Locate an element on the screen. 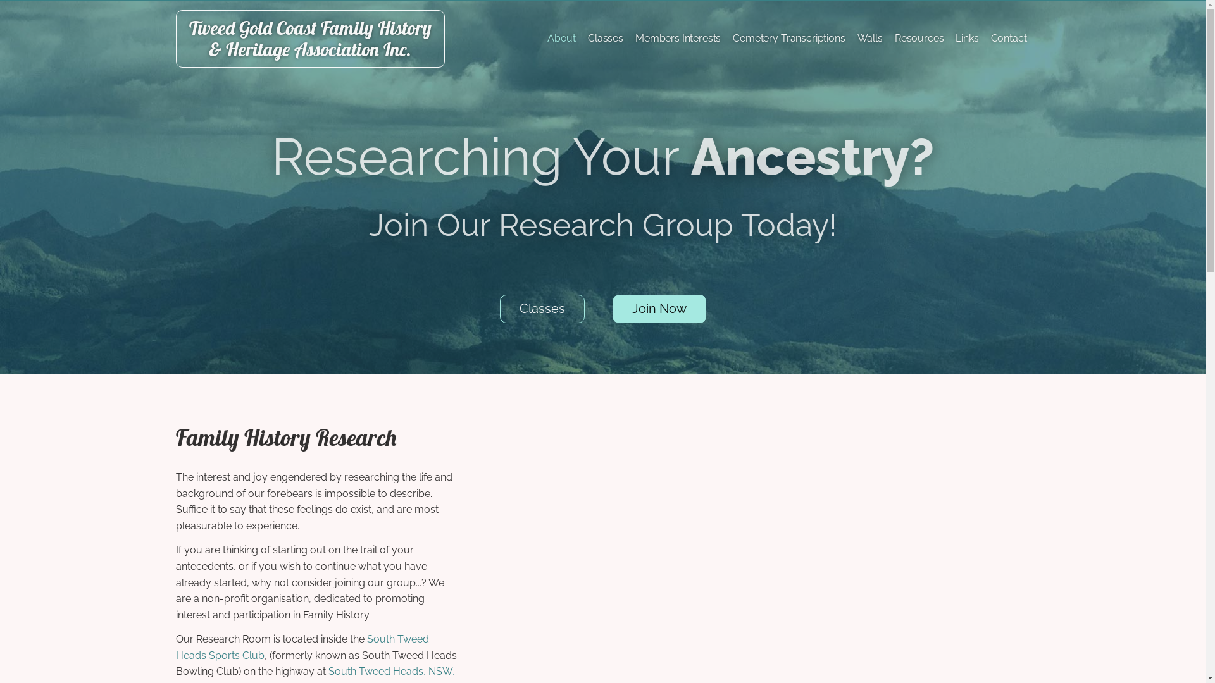  'Classes' is located at coordinates (542, 309).